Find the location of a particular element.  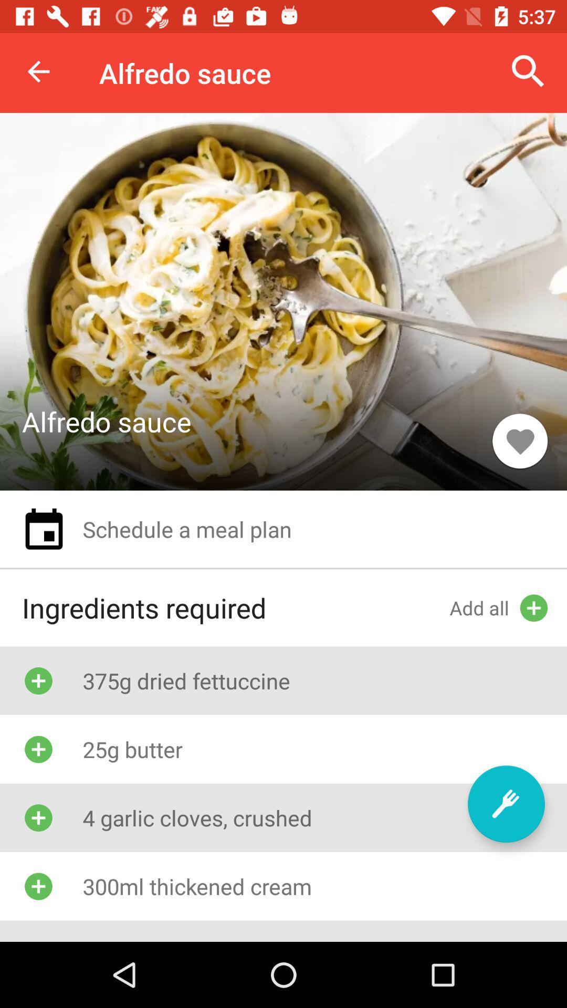

the edit icon is located at coordinates (506, 803).